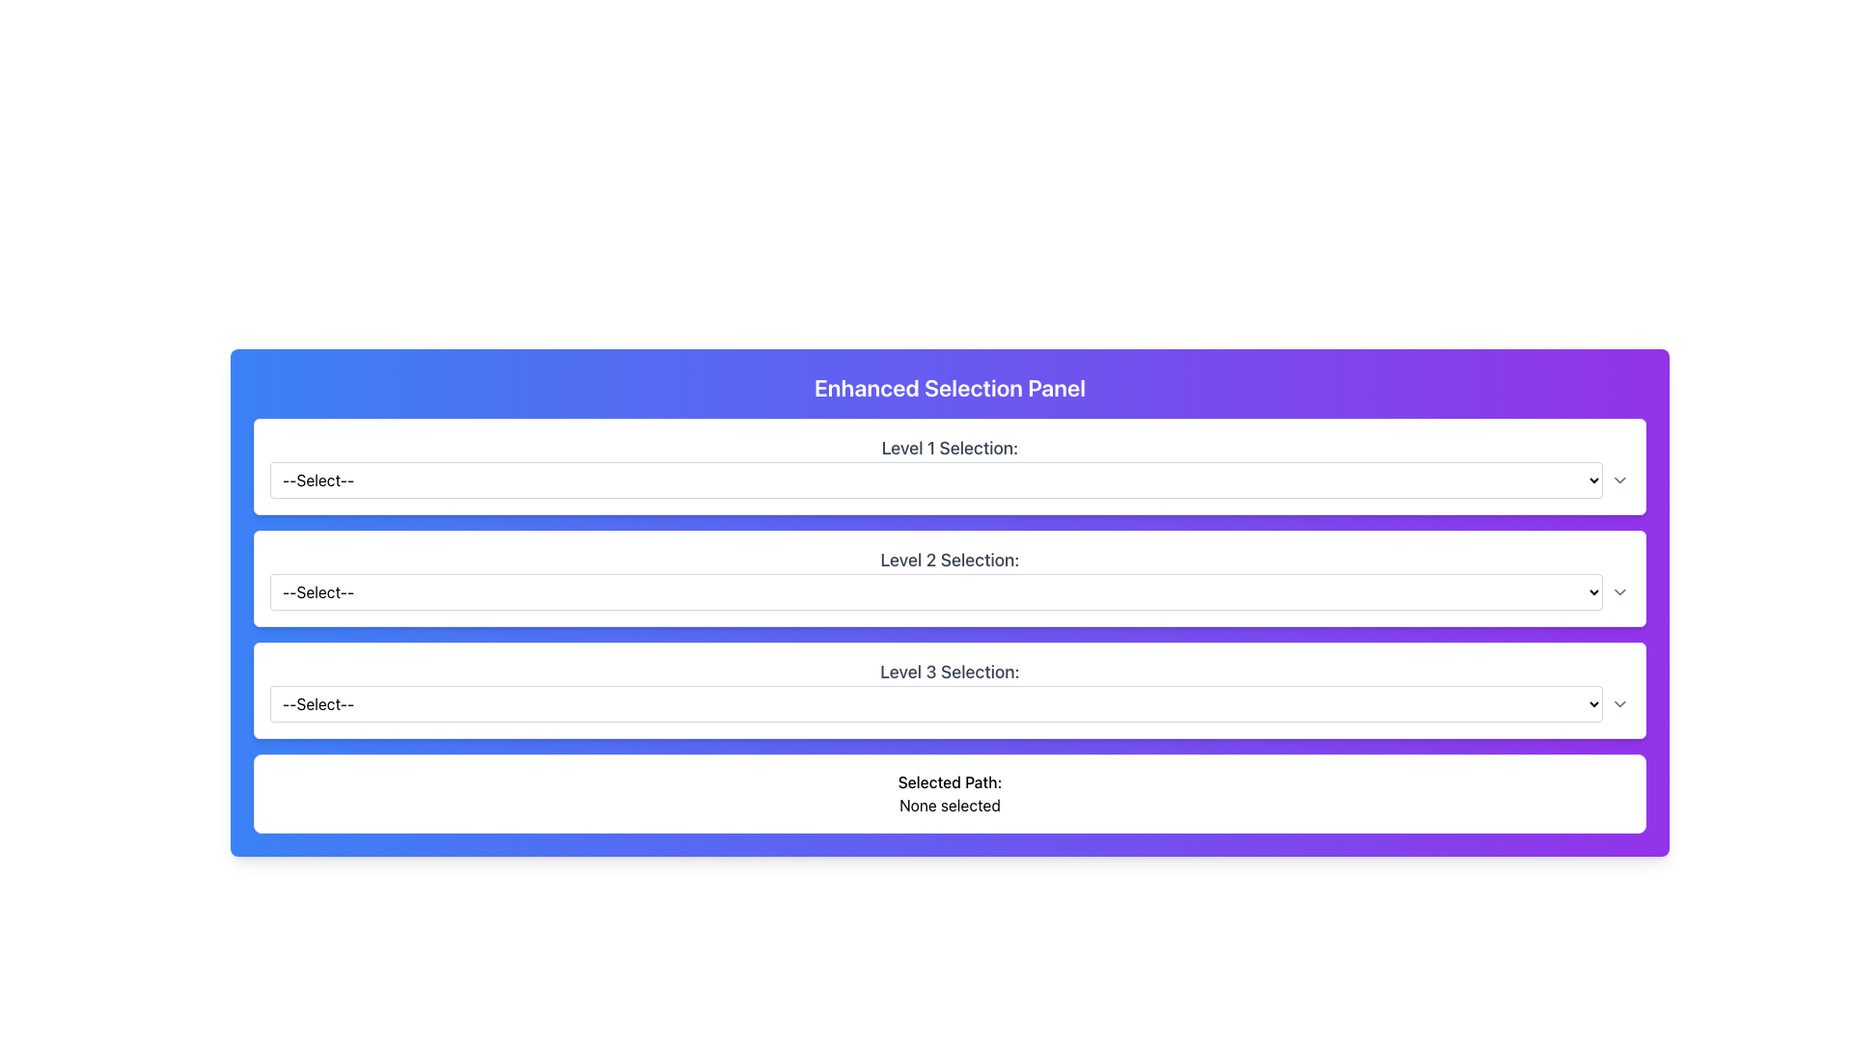 This screenshot has height=1042, width=1853. I want to click on the dropdown menu titled 'Level 2 Selection' that displays the text '--Select--Electronics', so click(936, 590).